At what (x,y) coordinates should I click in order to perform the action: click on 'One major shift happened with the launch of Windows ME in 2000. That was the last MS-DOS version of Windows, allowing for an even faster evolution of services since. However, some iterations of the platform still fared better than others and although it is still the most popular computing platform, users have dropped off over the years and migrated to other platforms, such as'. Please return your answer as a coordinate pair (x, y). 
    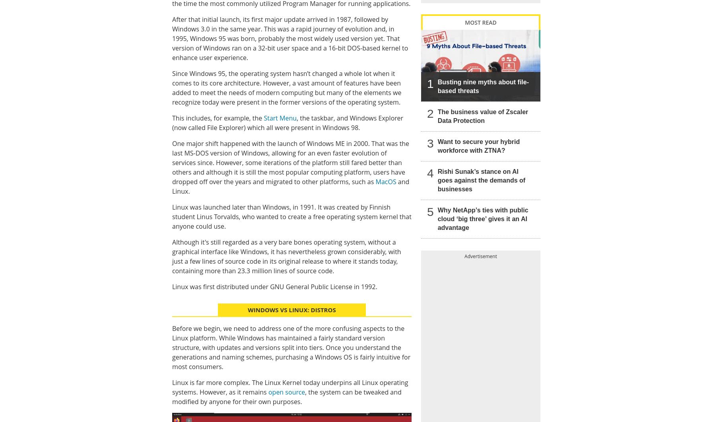
    Looking at the image, I should click on (290, 162).